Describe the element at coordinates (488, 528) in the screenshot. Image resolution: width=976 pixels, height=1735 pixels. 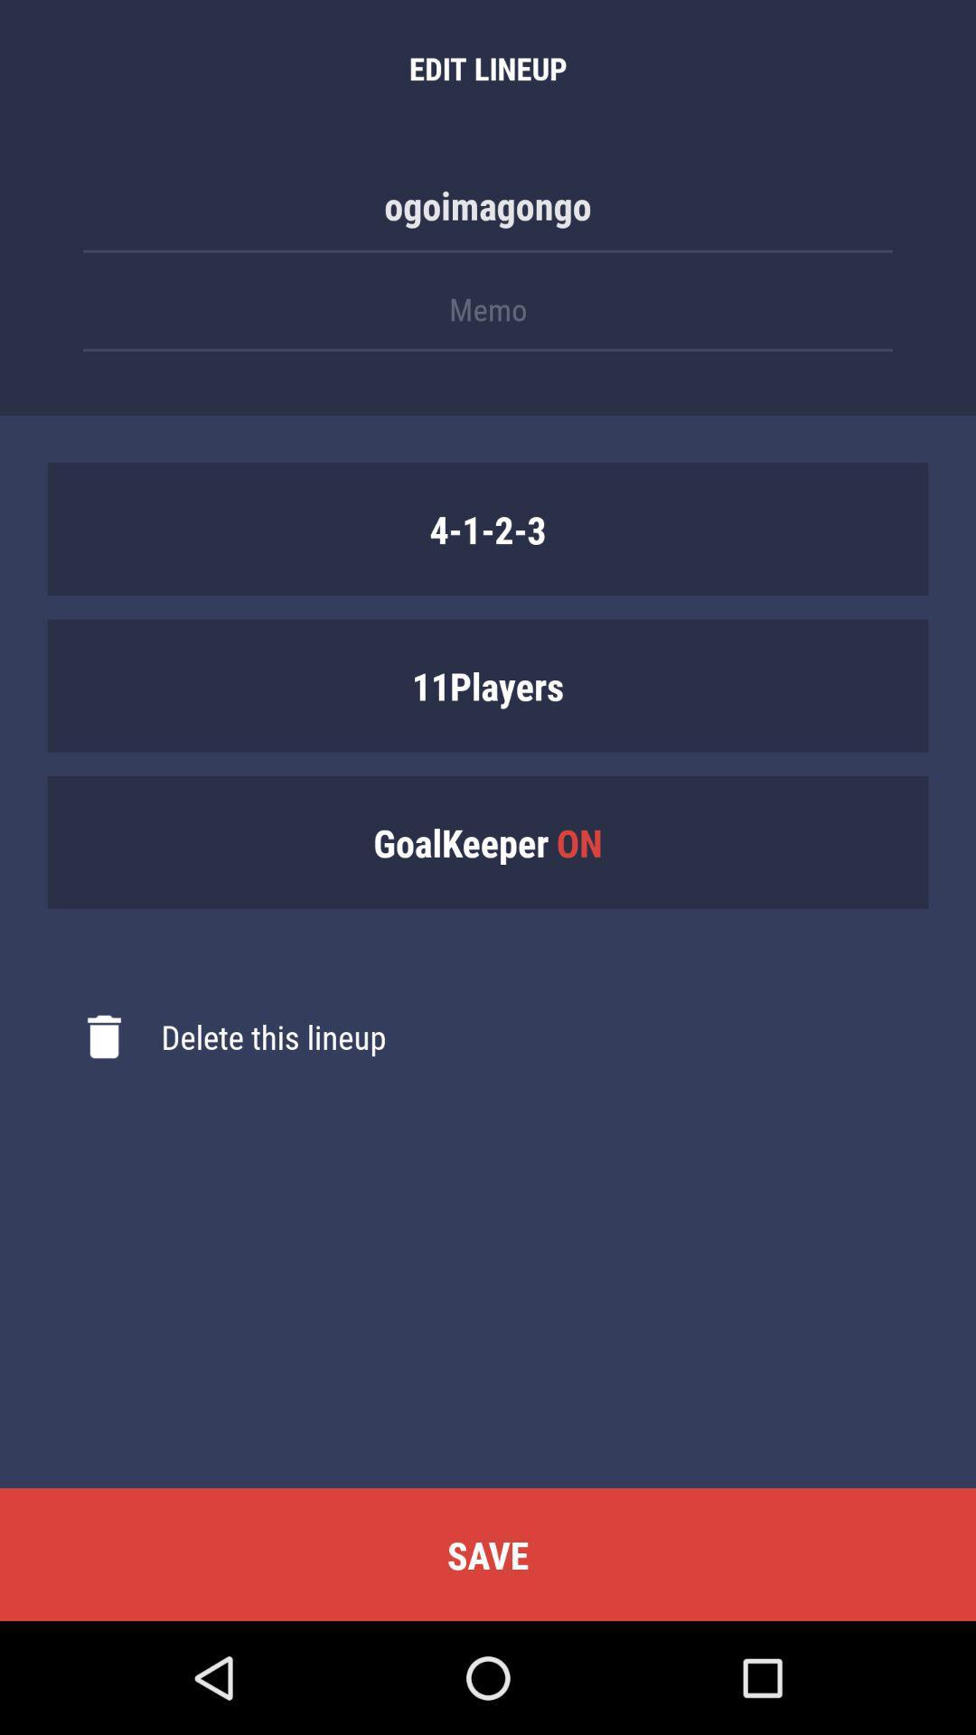
I see `4 1 2 item` at that location.